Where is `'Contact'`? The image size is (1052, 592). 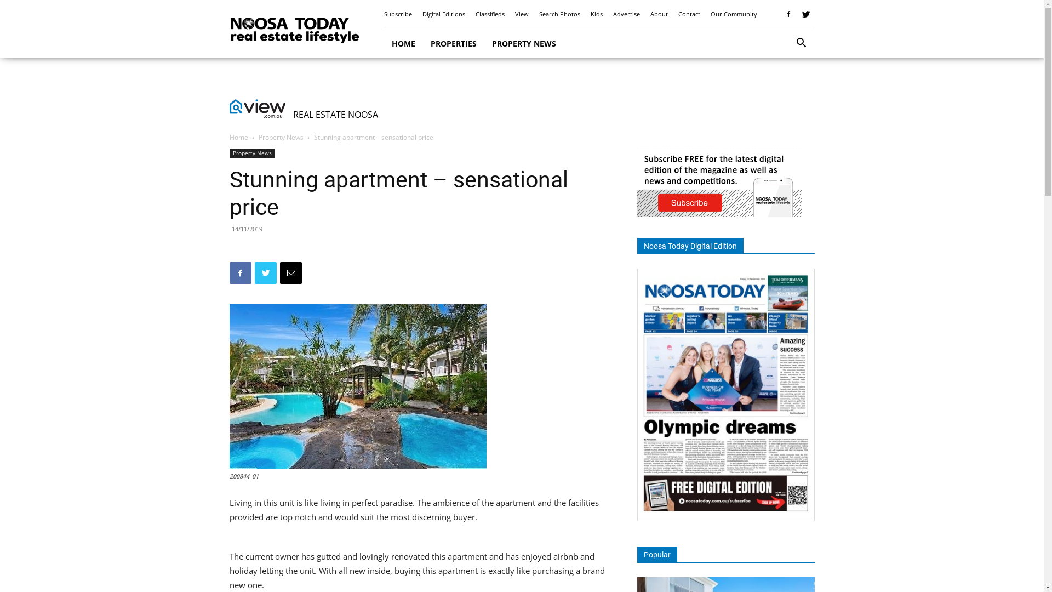 'Contact' is located at coordinates (688, 14).